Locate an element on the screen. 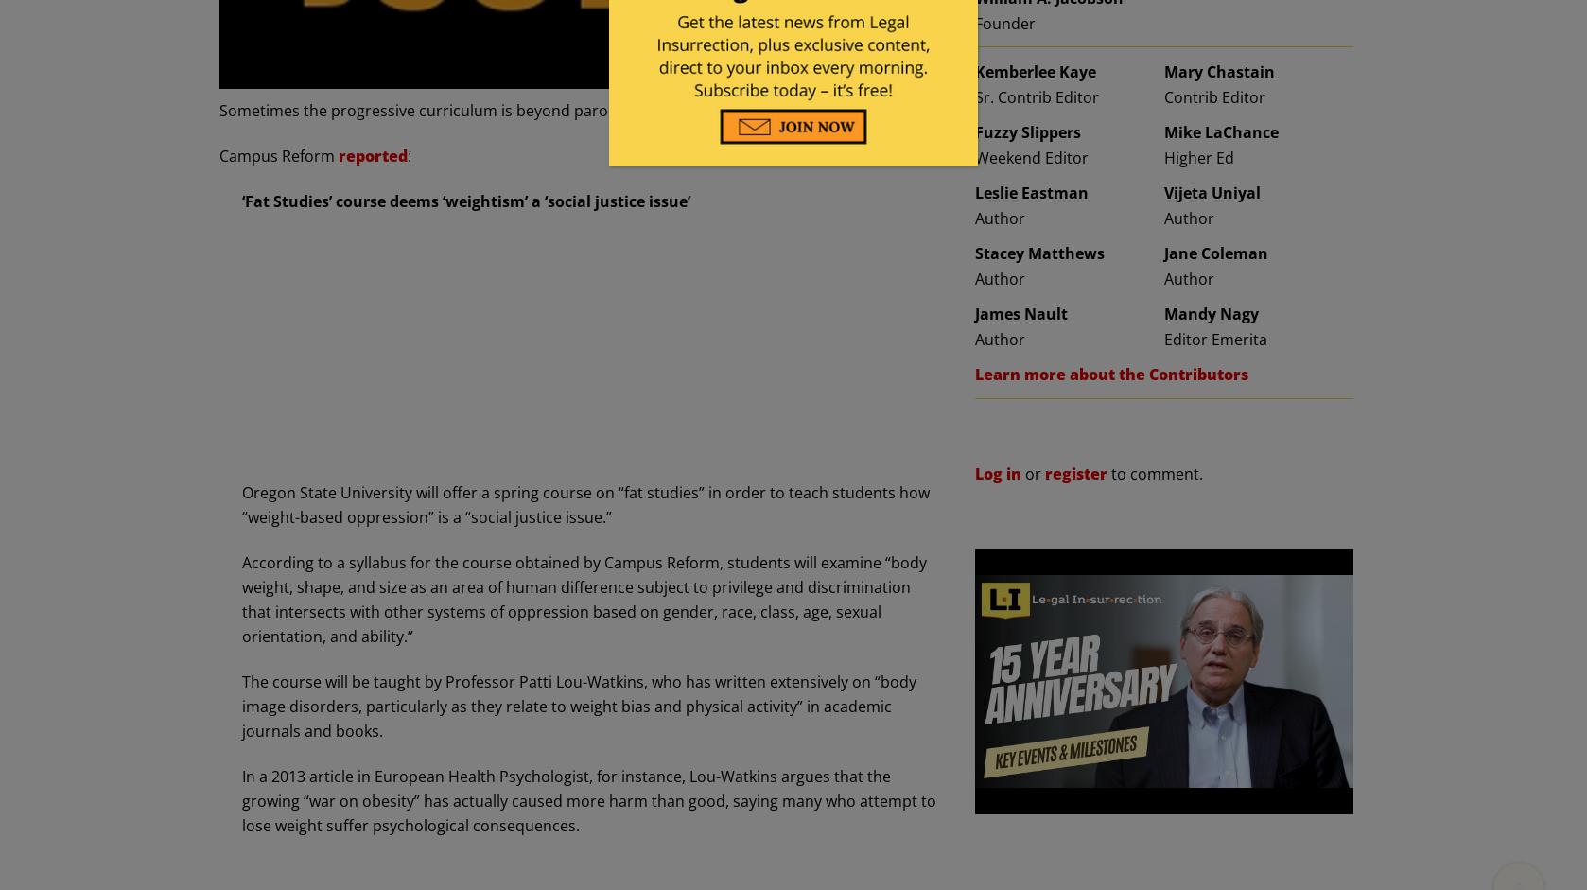 This screenshot has width=1587, height=890. 'Sometimes the progressive curriculum is beyond parody. This is an apt example of that.' is located at coordinates (218, 110).